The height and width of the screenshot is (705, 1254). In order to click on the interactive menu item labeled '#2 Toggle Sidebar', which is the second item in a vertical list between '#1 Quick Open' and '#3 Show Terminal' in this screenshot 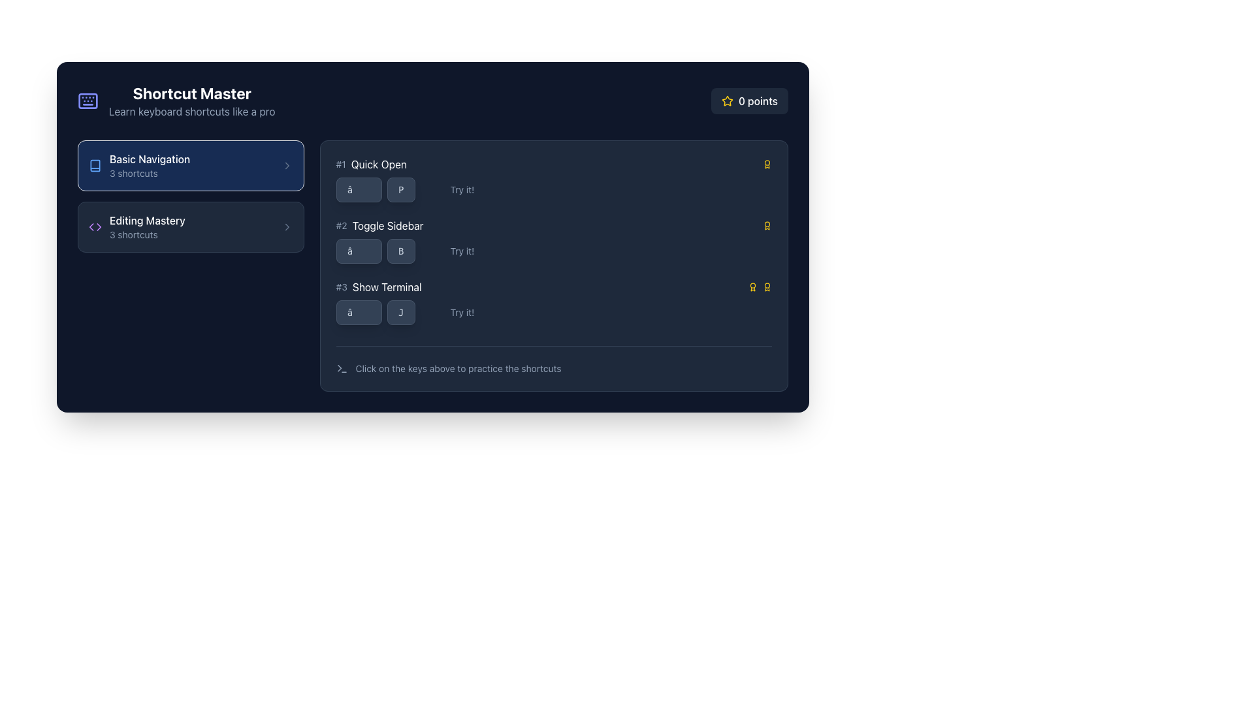, I will do `click(554, 225)`.